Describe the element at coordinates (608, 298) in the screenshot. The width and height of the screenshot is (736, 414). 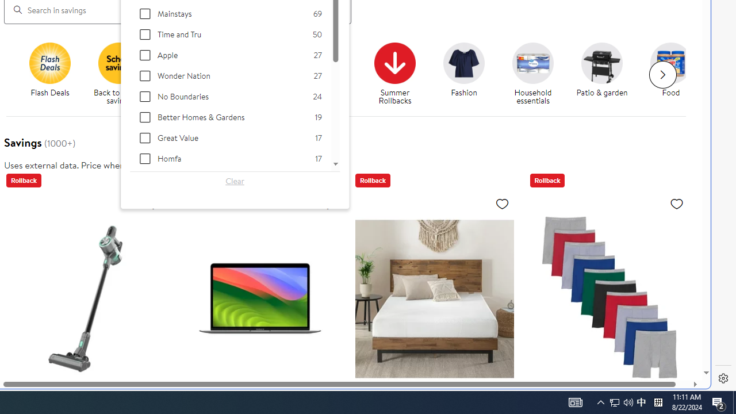
I see `'Hanes Men'` at that location.